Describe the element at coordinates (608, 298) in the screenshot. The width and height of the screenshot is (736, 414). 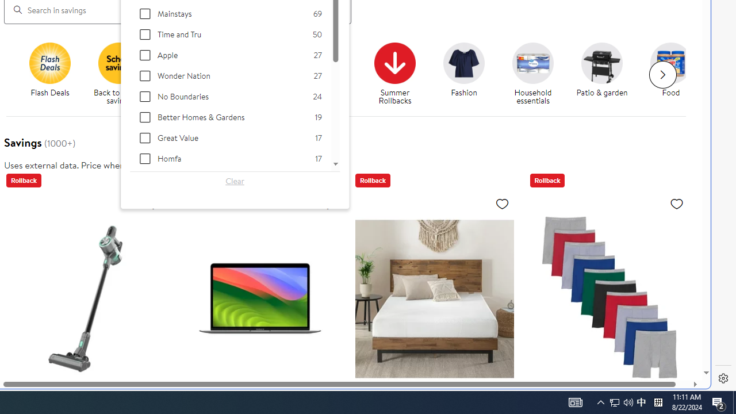
I see `'Hanes Men'` at that location.